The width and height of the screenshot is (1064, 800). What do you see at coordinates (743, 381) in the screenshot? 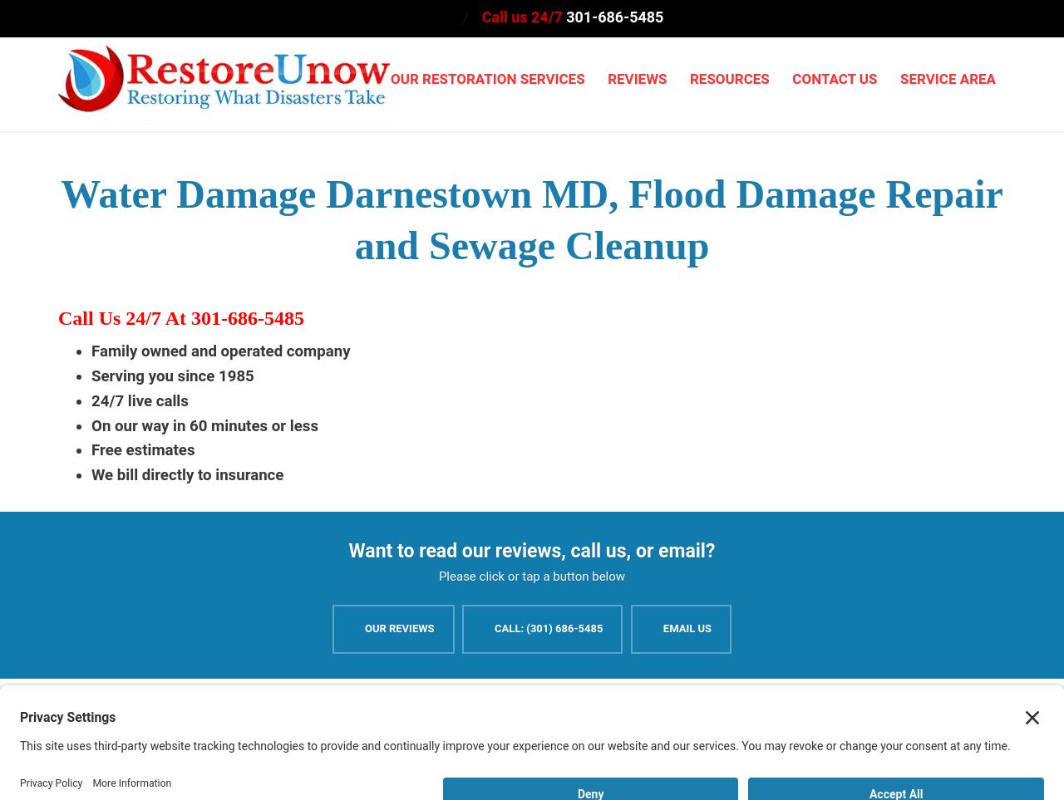
I see `'Commercial Sewage Damage Restoration'` at bounding box center [743, 381].